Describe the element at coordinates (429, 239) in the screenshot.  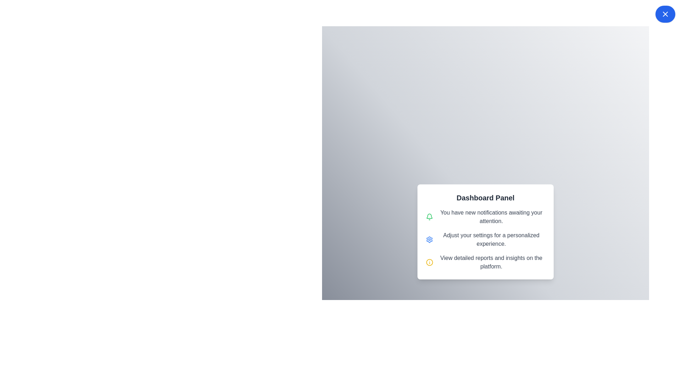
I see `the gear icon located in the middle section of the Dashboard Panel` at that location.